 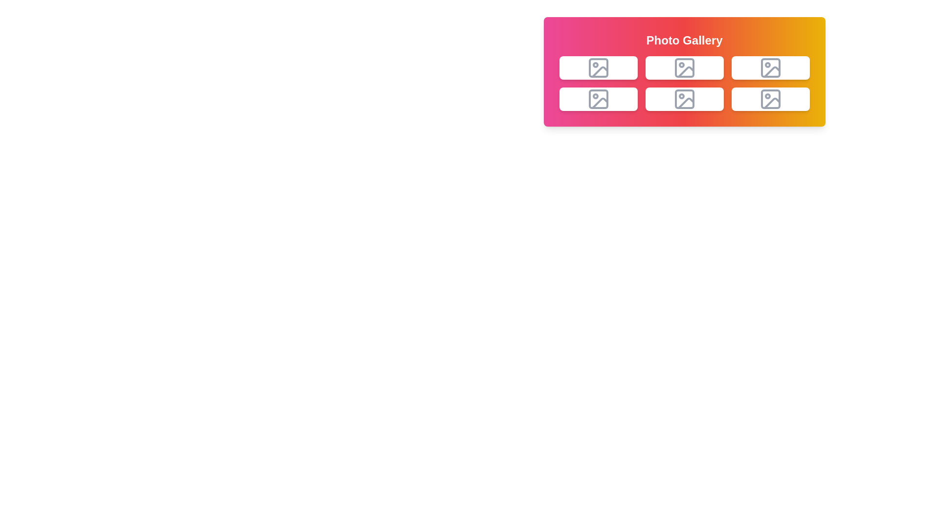 I want to click on the 'view' or 'preview' SVG icon located in the second button of the first row in the 'Photo Gallery' grid layout, so click(x=671, y=67).